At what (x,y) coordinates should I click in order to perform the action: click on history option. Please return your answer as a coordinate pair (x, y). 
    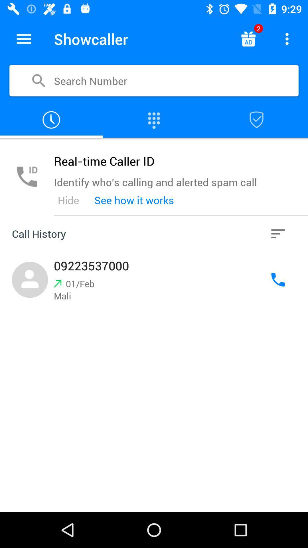
    Looking at the image, I should click on (278, 234).